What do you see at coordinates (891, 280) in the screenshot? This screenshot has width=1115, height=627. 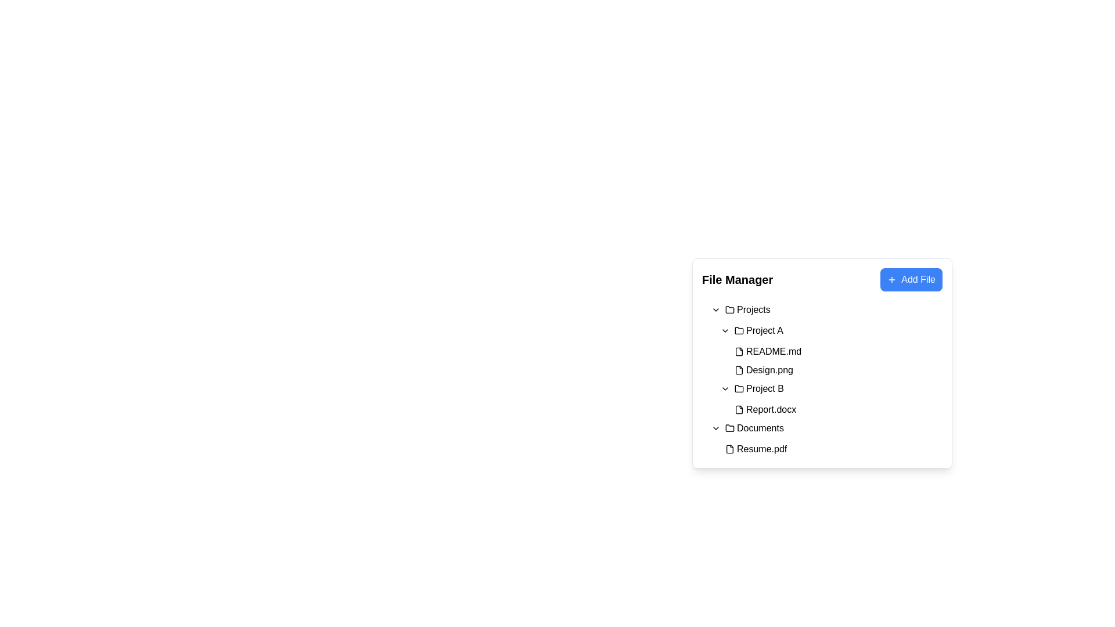 I see `the plus symbol icon inside the blue button labeled 'Add File' located in the top-right corner of the File Manager interface` at bounding box center [891, 280].